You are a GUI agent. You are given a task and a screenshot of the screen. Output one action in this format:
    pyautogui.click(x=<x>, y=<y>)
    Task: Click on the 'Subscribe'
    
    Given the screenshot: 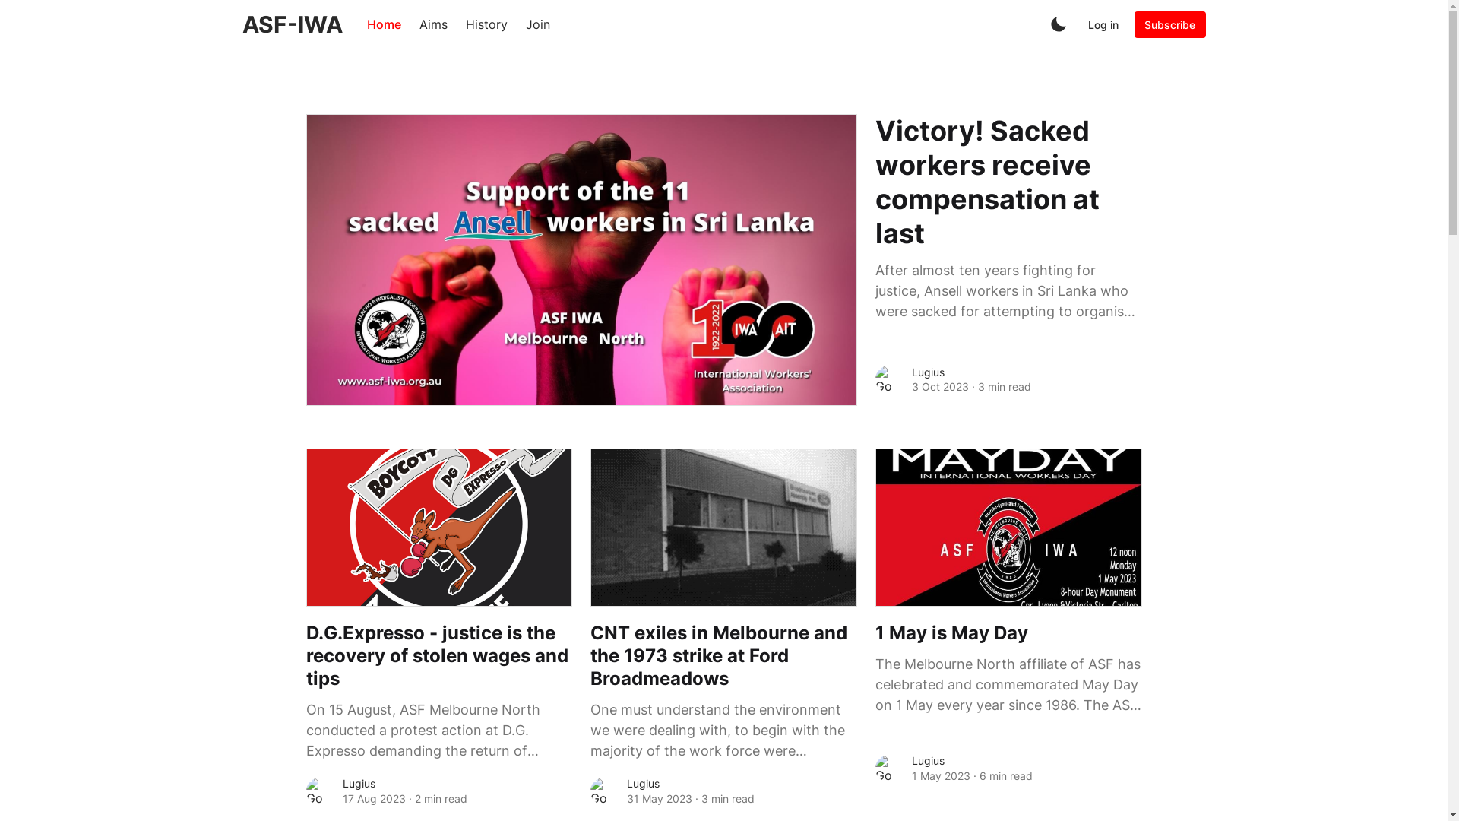 What is the action you would take?
    pyautogui.click(x=1169, y=24)
    